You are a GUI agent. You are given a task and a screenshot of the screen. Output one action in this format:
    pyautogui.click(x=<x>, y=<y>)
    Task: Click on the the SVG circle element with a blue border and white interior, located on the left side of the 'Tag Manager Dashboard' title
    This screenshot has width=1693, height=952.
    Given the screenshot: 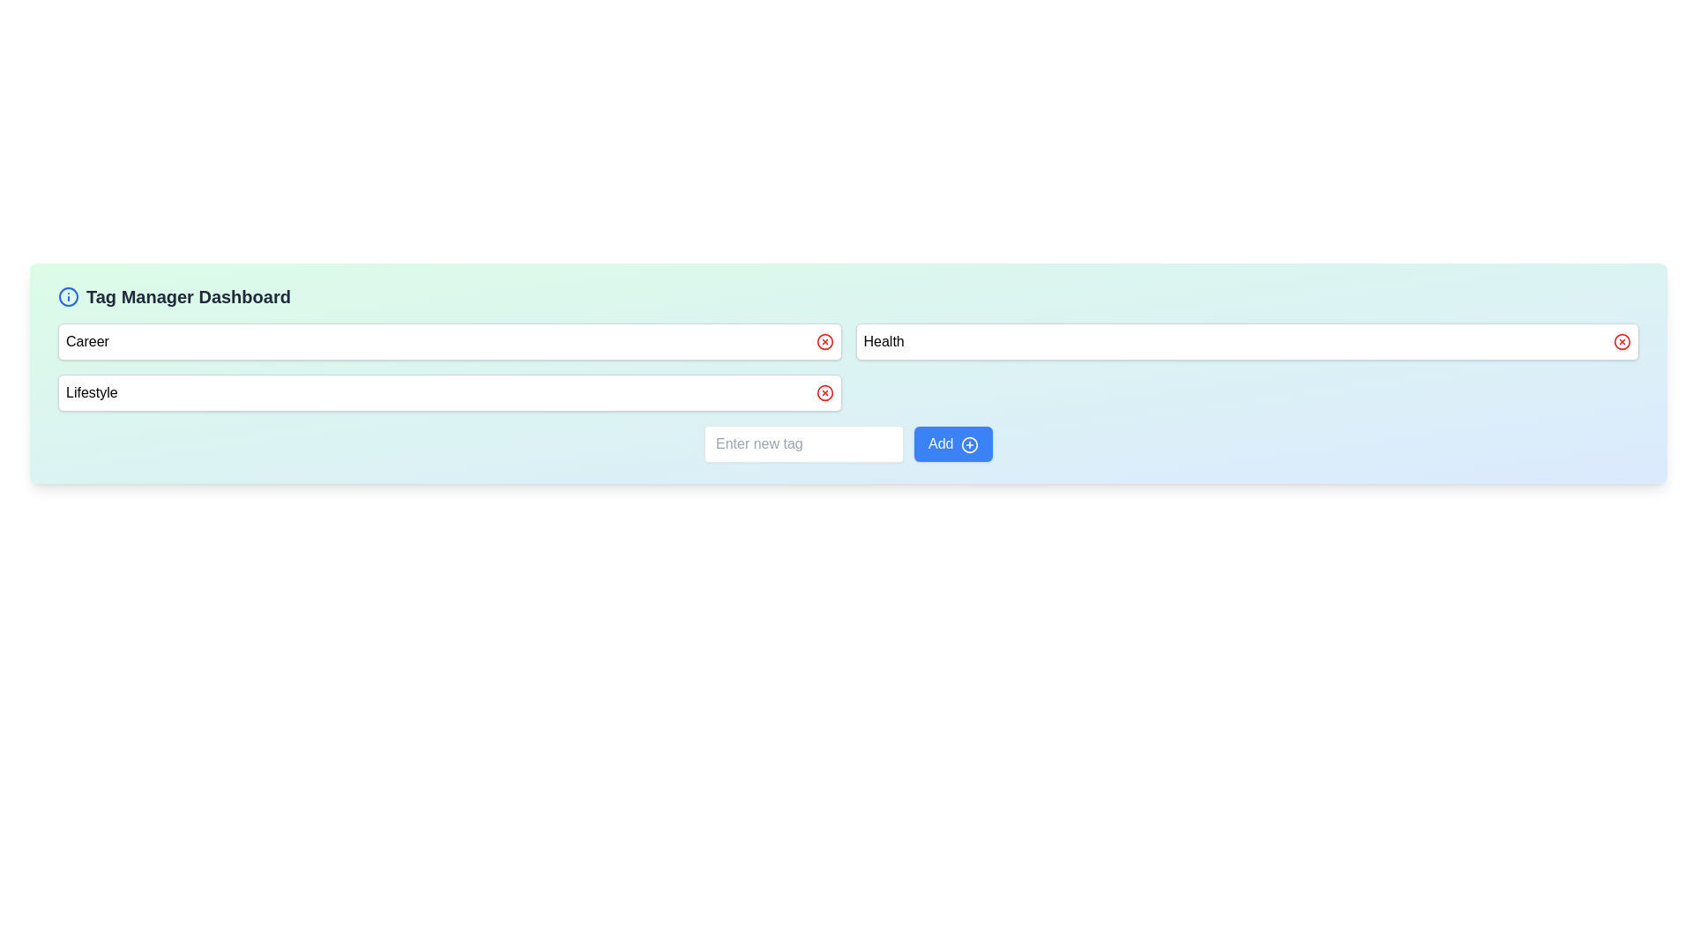 What is the action you would take?
    pyautogui.click(x=68, y=295)
    